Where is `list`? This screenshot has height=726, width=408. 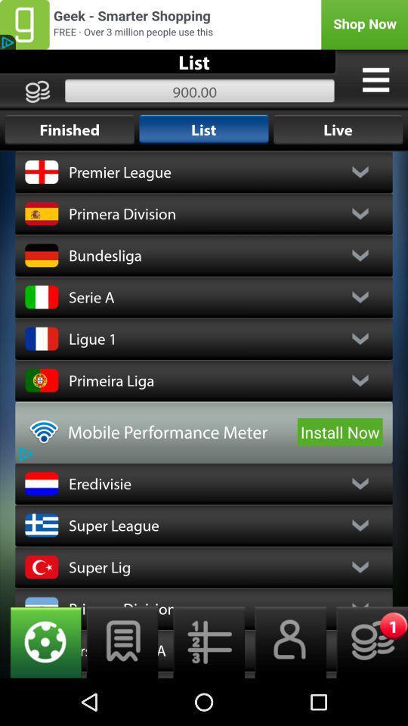 list is located at coordinates (122, 641).